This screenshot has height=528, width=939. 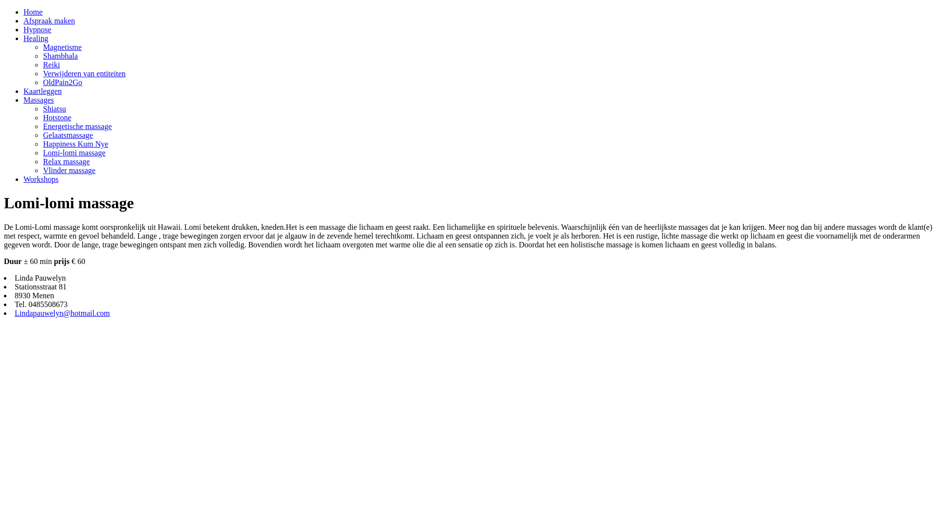 What do you see at coordinates (23, 179) in the screenshot?
I see `'Workshops'` at bounding box center [23, 179].